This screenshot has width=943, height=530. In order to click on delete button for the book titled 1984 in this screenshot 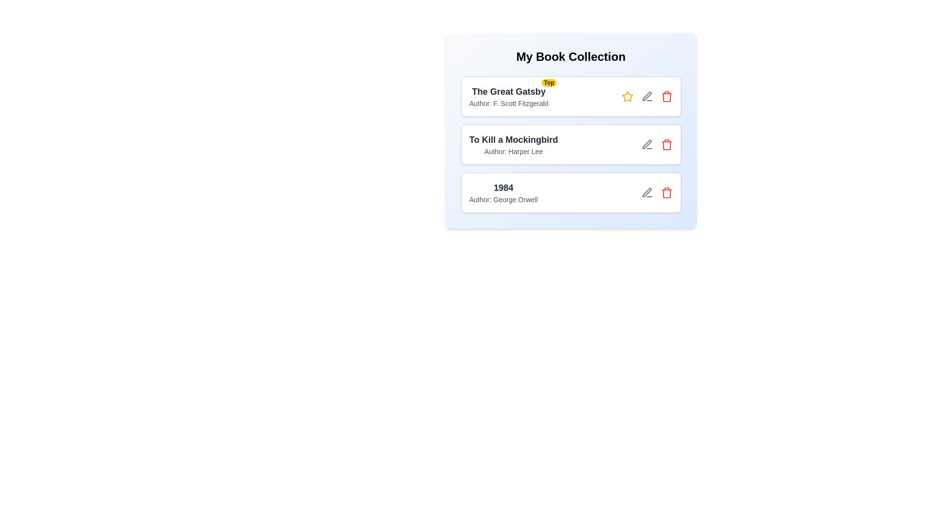, I will do `click(666, 193)`.